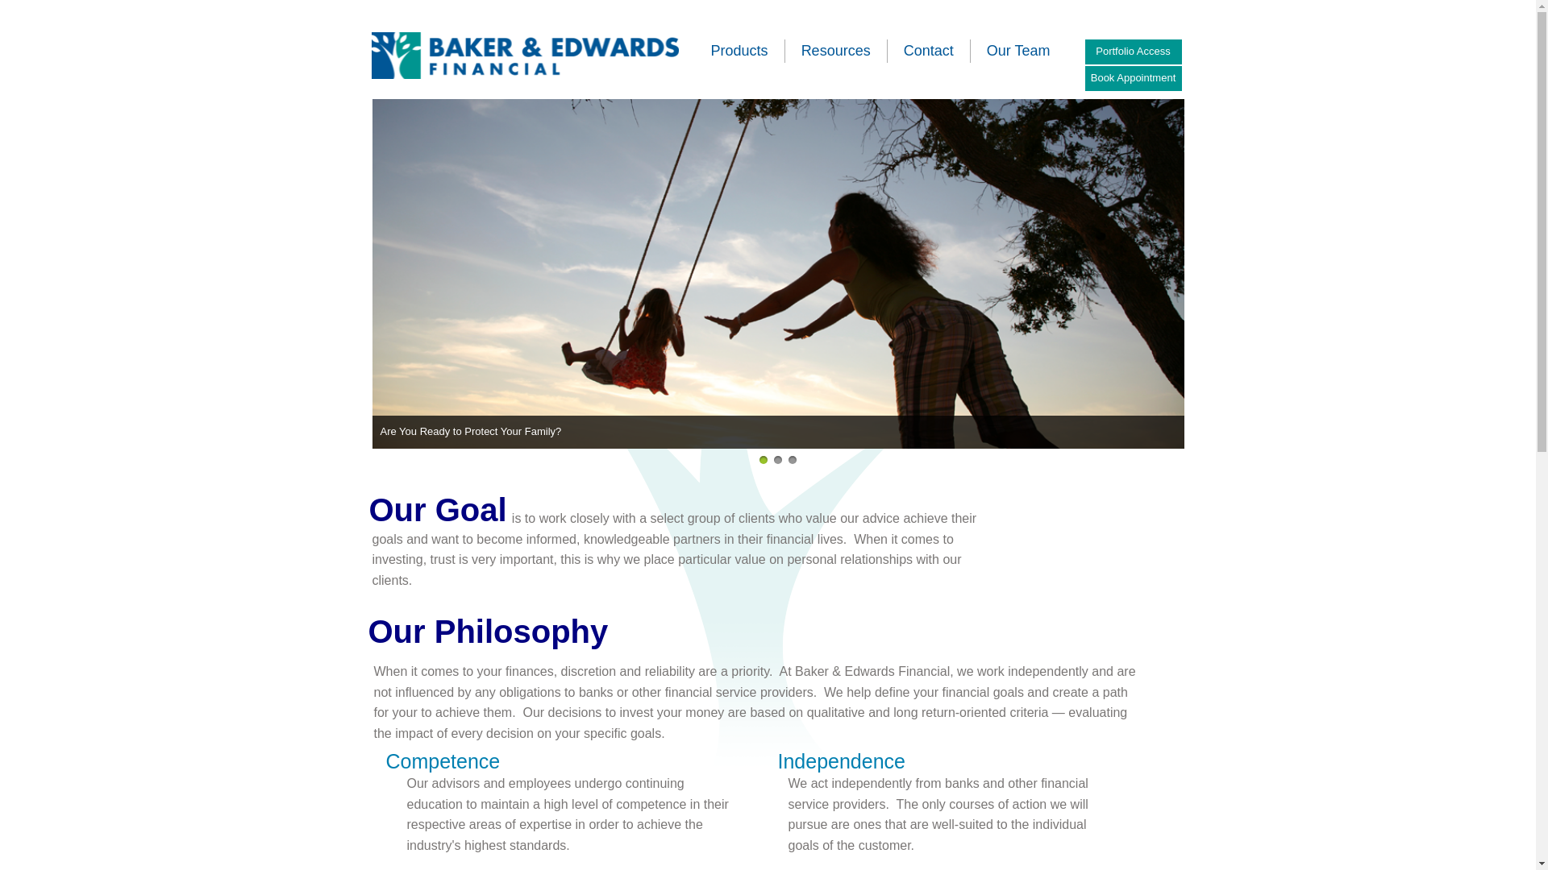  Describe the element at coordinates (986, 49) in the screenshot. I see `'Our Team'` at that location.